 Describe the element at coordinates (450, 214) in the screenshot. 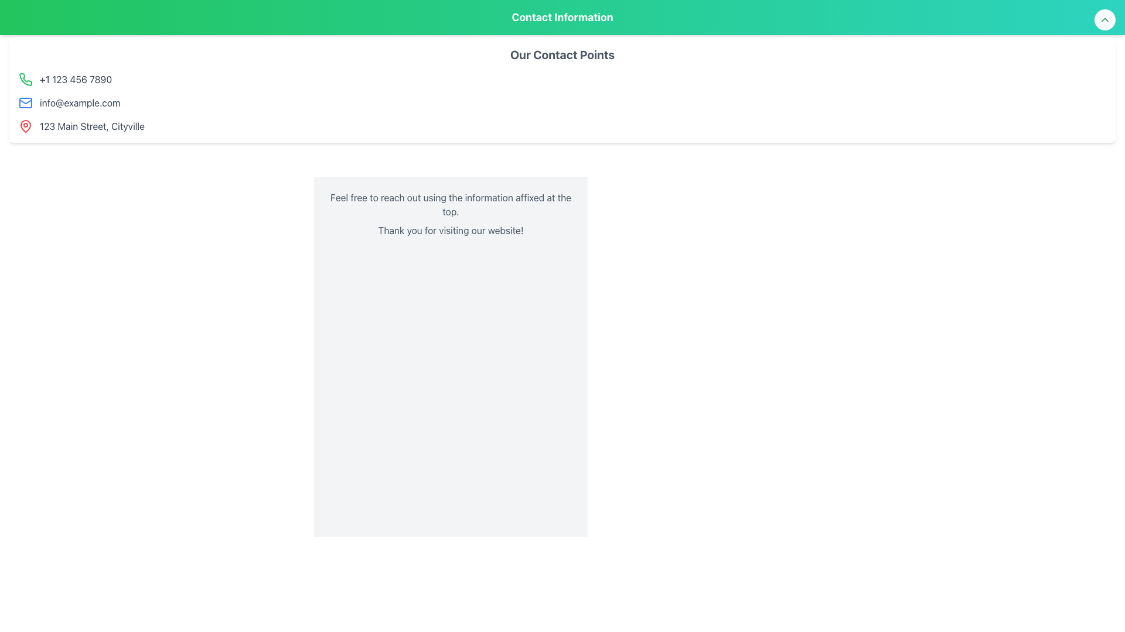

I see `the informational text block located below the 'Our Contact Points' section, which provides a friendly message and additional contact instructions` at that location.